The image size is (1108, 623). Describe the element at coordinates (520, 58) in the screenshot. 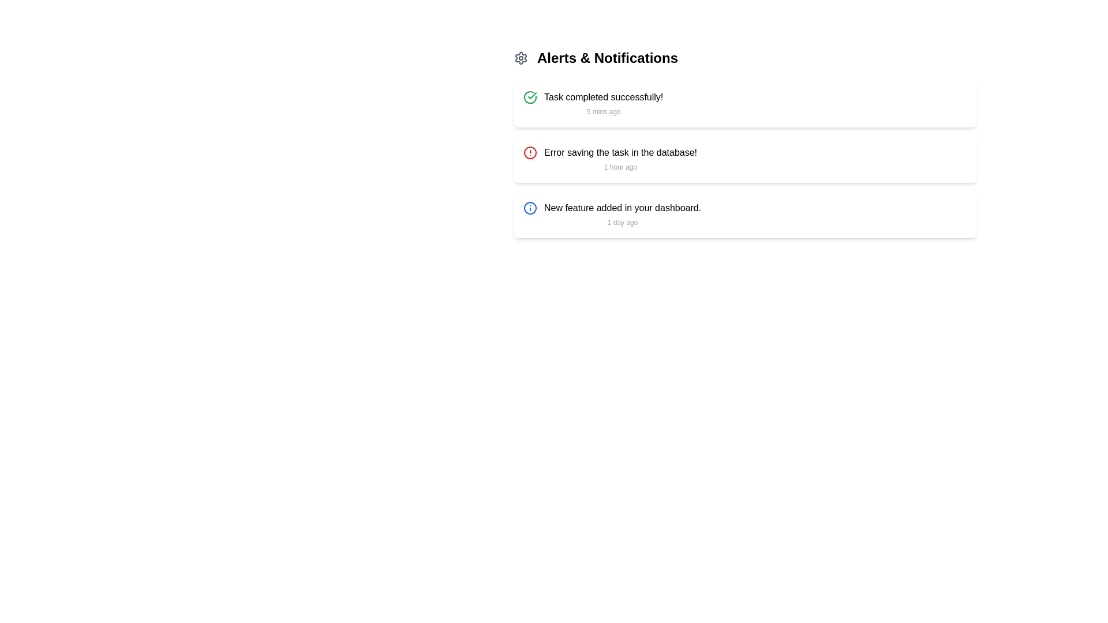

I see `the settings icon located to the left of the 'Alerts & Notifications' heading` at that location.